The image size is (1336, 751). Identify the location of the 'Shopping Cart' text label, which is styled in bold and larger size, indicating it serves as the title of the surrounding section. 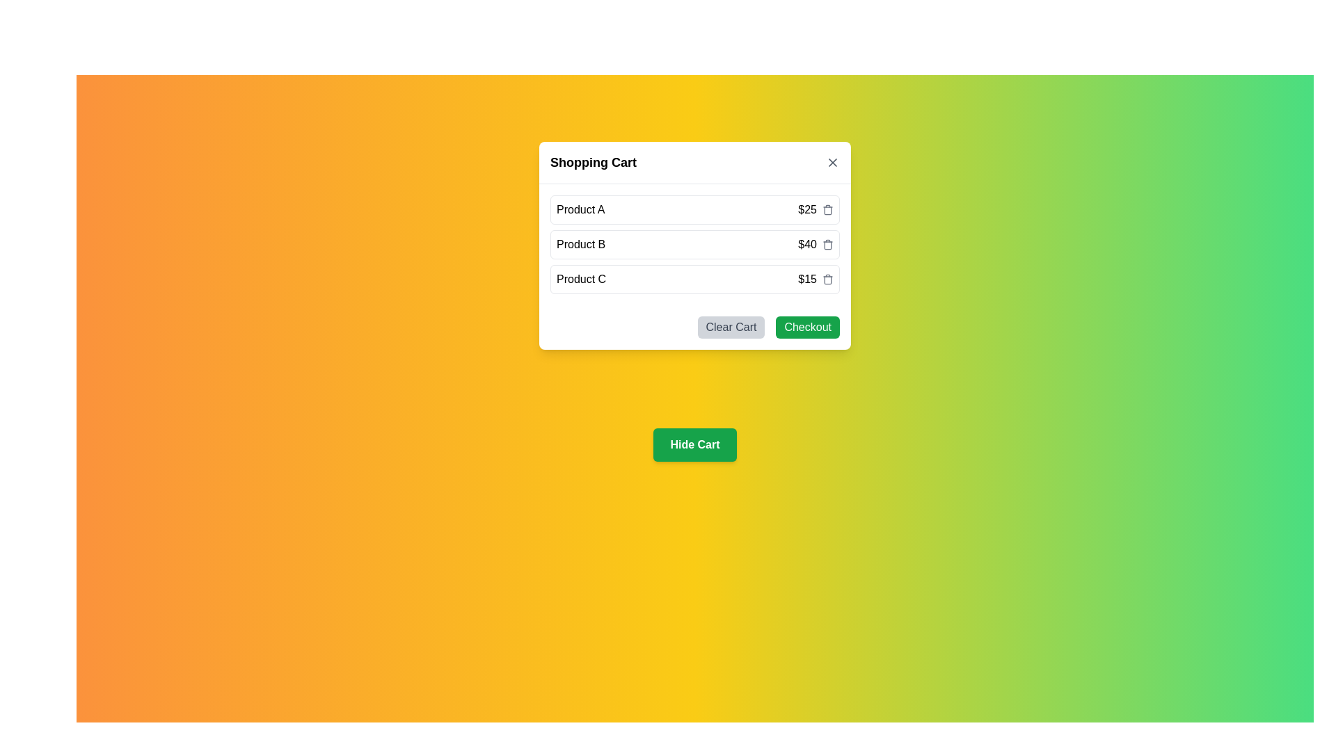
(594, 162).